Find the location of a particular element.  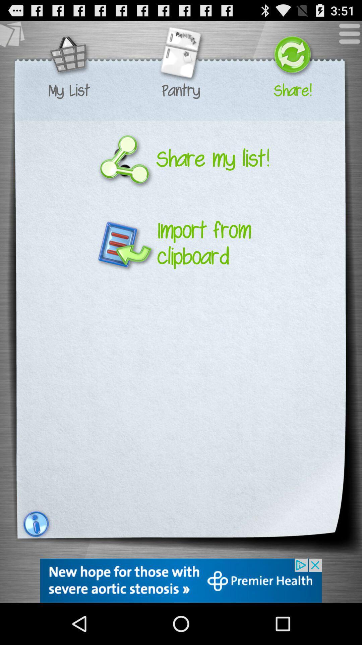

my list is located at coordinates (69, 90).